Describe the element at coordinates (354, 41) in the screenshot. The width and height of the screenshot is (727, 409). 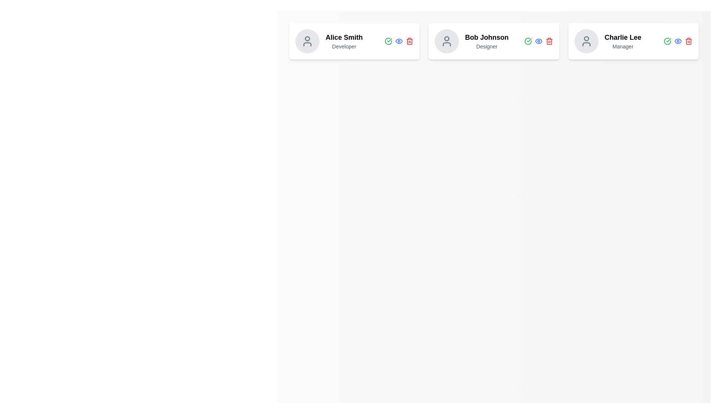
I see `the user profile card located in the top-left corner of the section, which displays user information including name and role` at that location.